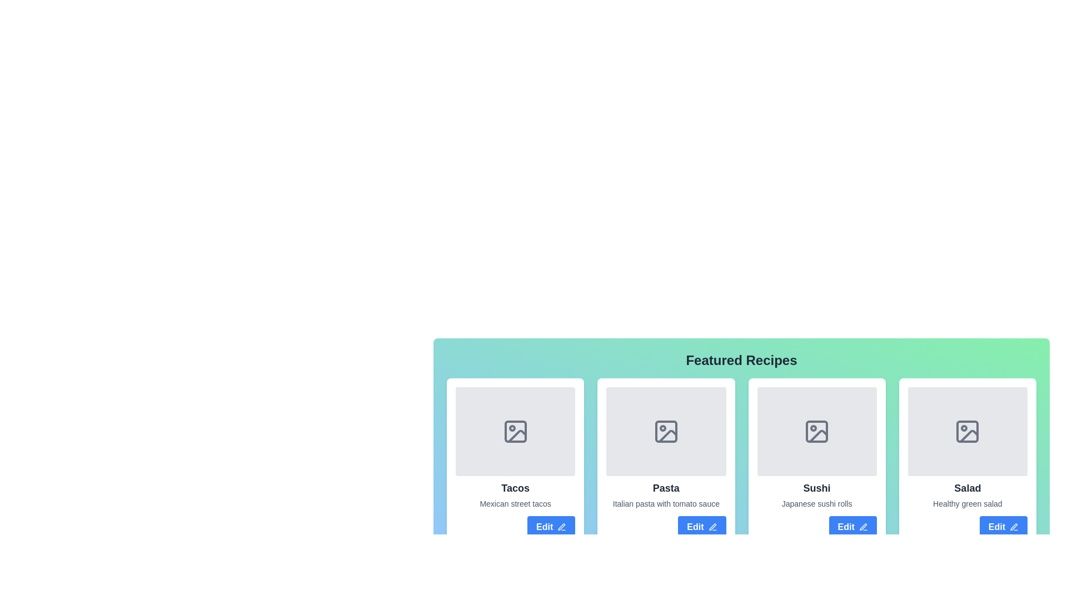  What do you see at coordinates (551, 526) in the screenshot?
I see `the first 'Edit' button associated with the 'Tacos' recipe card in the 'Featured Recipes' section` at bounding box center [551, 526].